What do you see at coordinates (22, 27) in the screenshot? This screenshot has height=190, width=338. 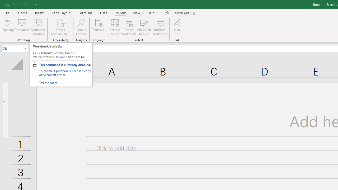 I see `'Thesaurus...'` at bounding box center [22, 27].